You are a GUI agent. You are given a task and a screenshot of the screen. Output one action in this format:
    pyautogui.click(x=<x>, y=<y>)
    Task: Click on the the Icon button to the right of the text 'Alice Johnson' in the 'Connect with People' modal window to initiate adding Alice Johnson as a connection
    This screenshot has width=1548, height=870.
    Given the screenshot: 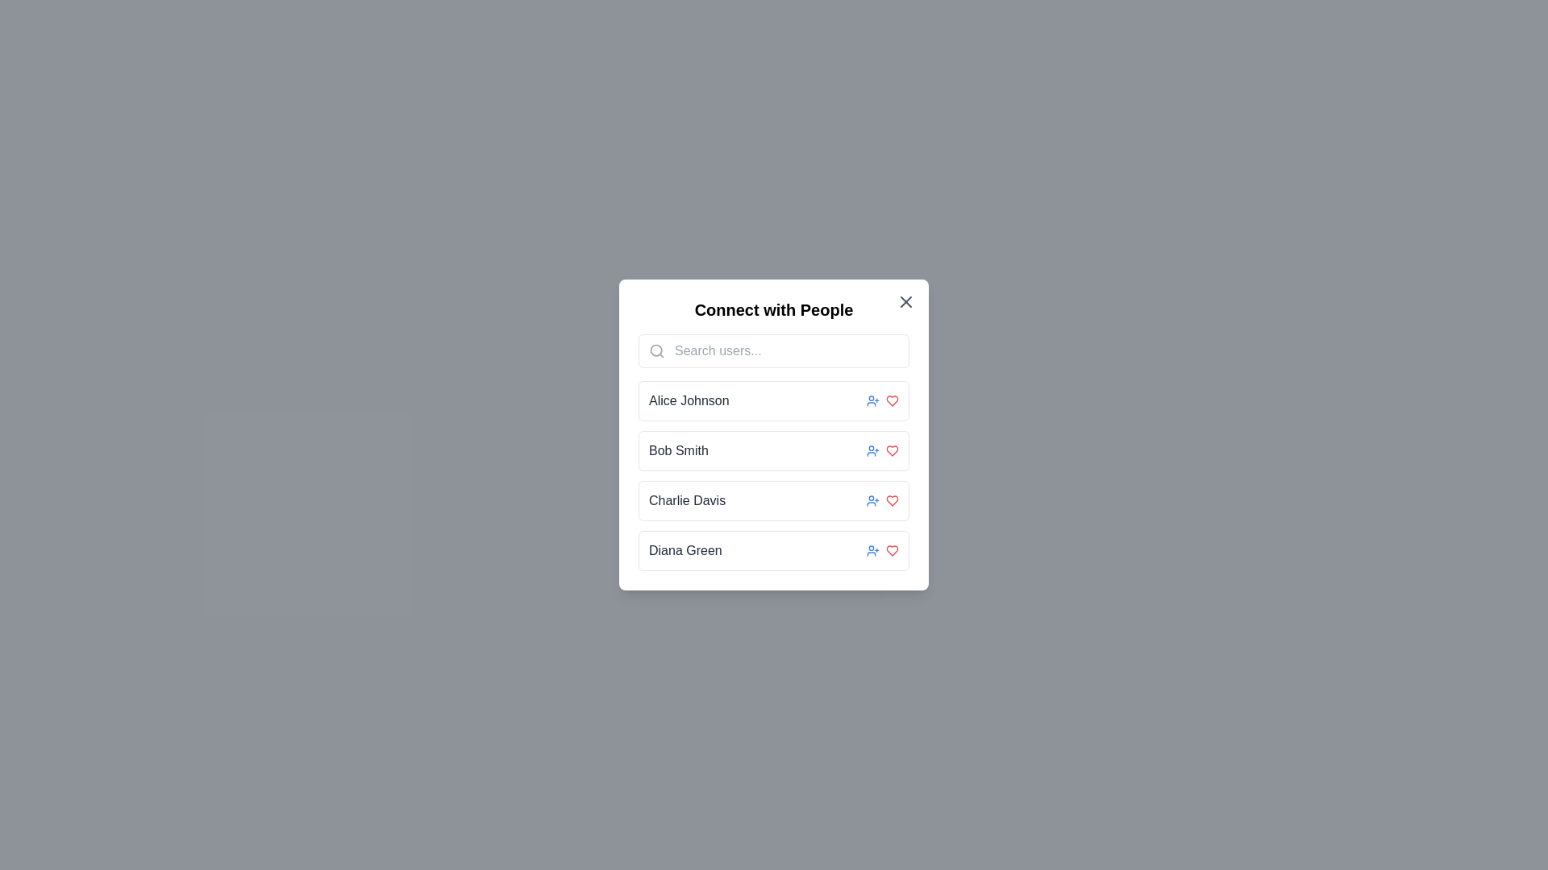 What is the action you would take?
    pyautogui.click(x=872, y=400)
    